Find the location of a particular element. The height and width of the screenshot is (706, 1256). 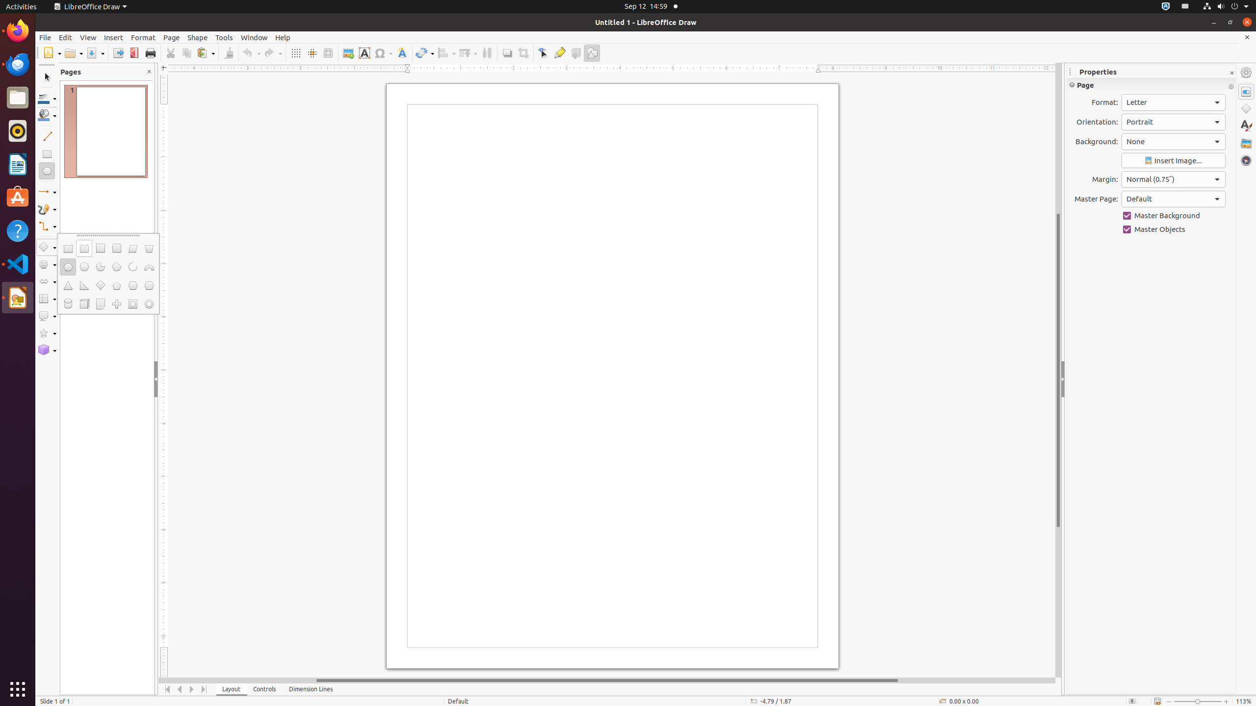

'Cut' is located at coordinates (170, 52).